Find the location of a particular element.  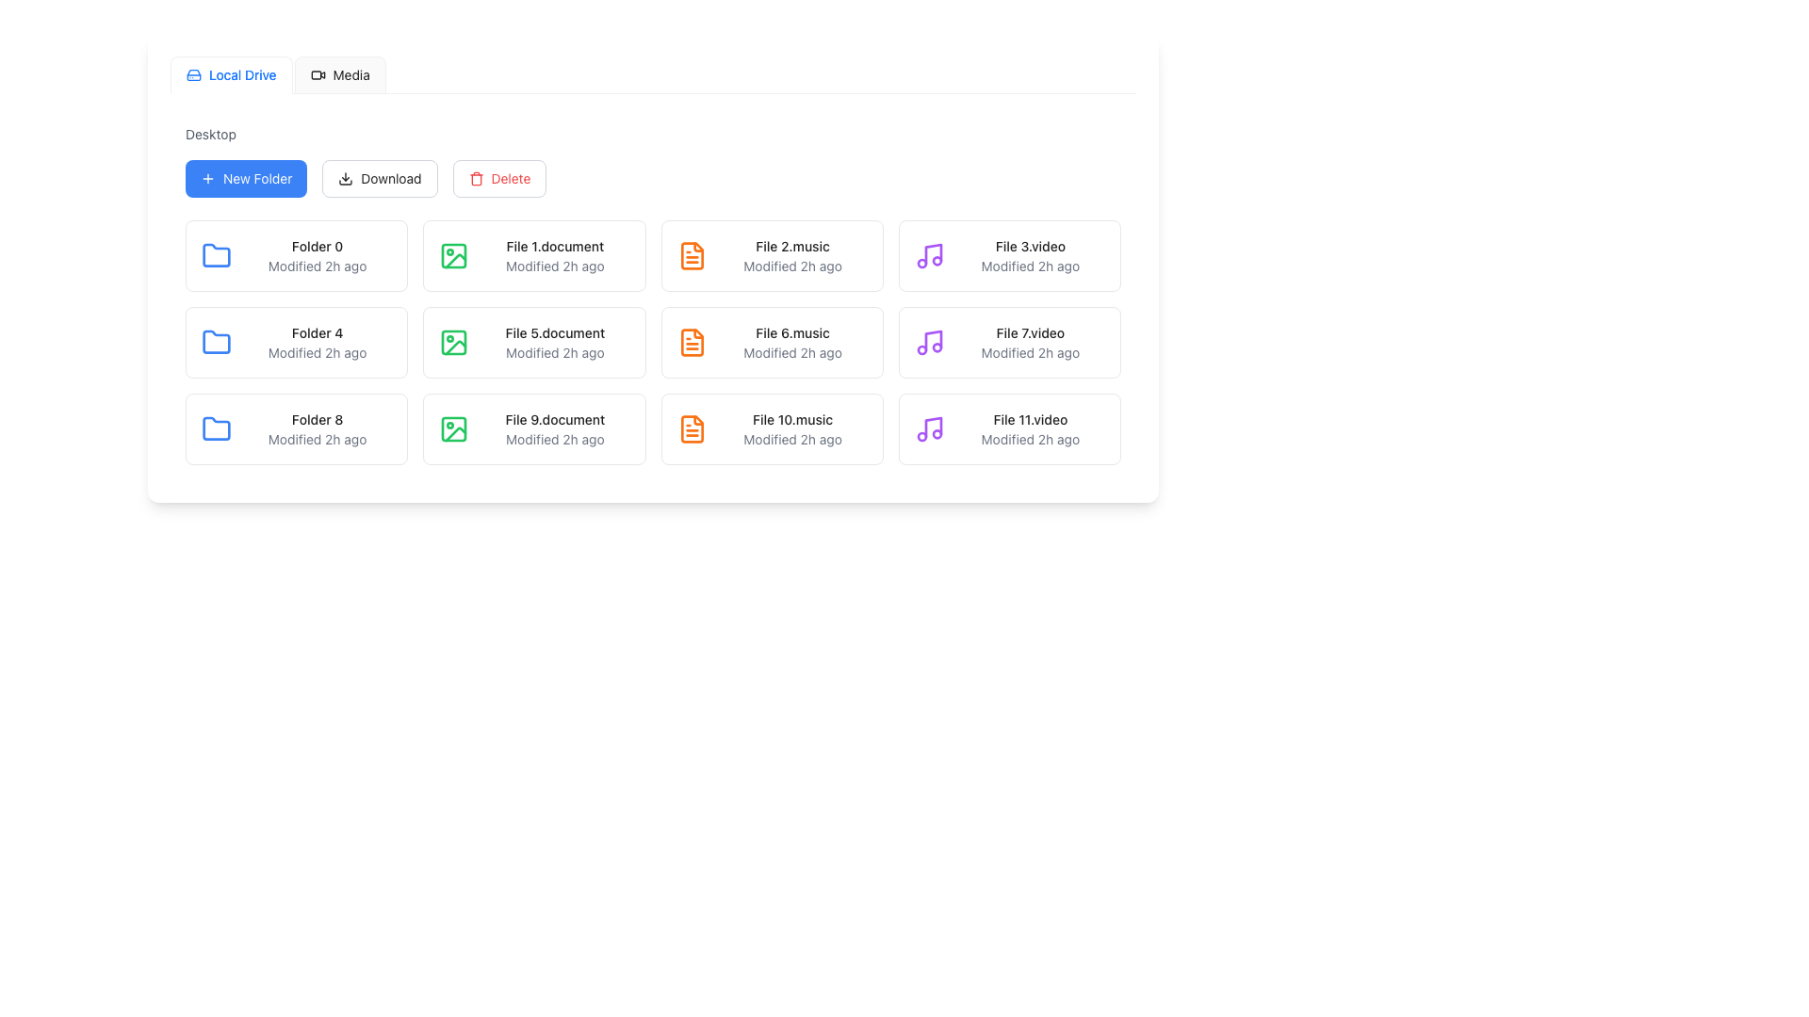

the second button in the horizontal group near the top left of the interface is located at coordinates (379, 178).